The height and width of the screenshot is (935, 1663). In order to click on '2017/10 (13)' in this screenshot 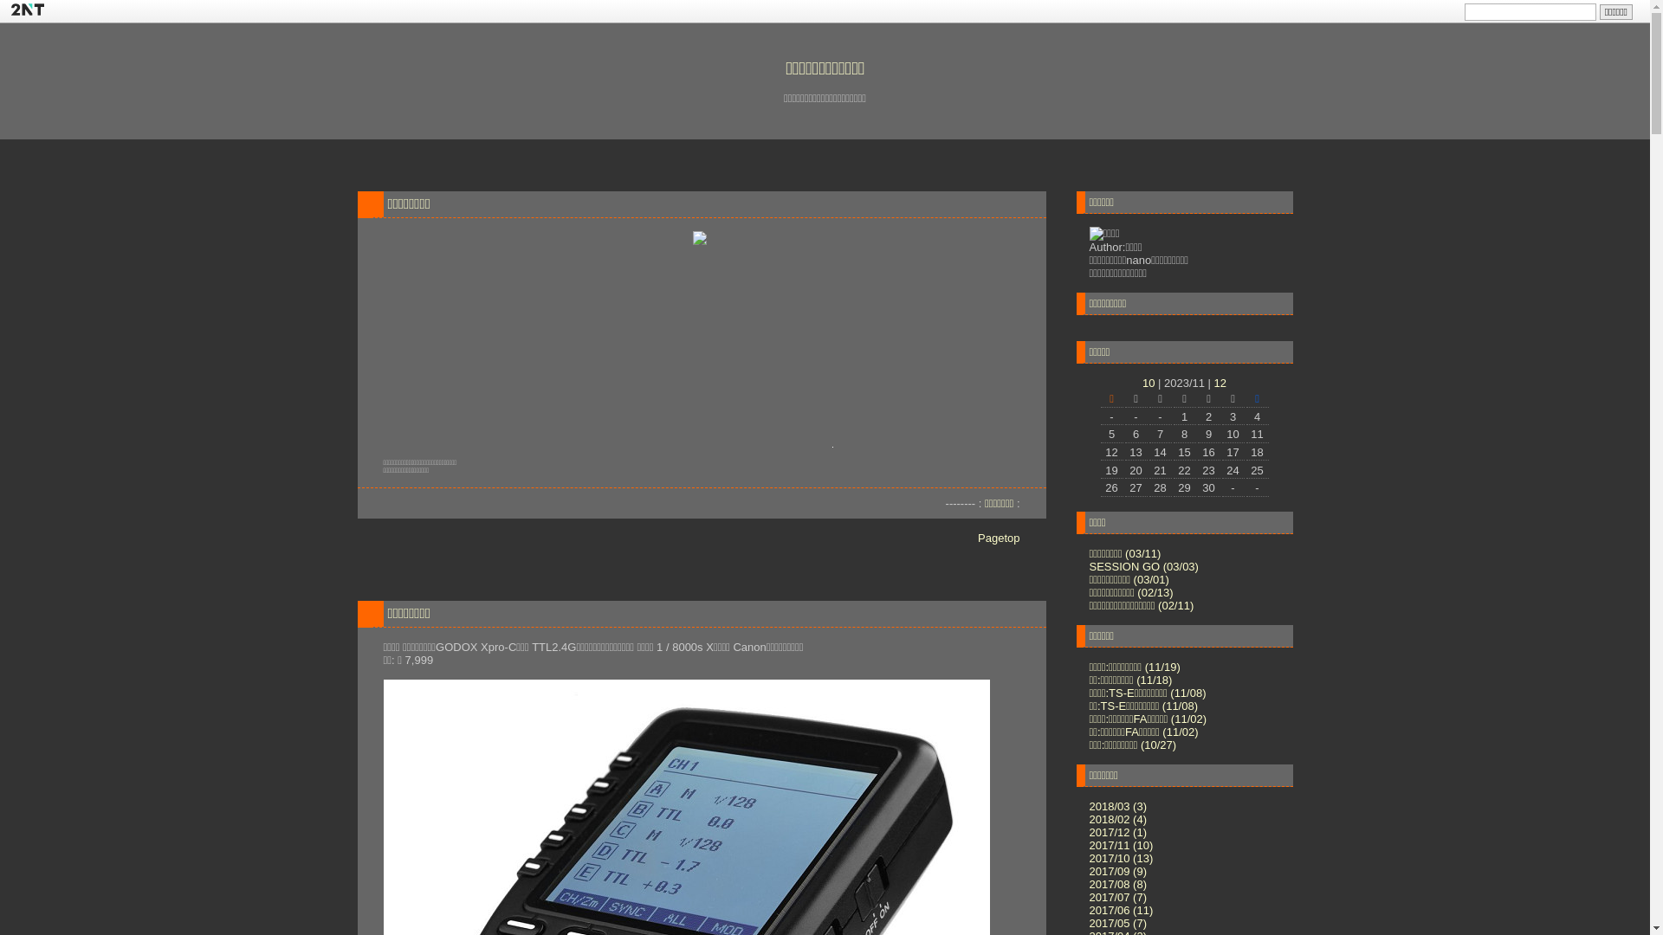, I will do `click(1122, 858)`.